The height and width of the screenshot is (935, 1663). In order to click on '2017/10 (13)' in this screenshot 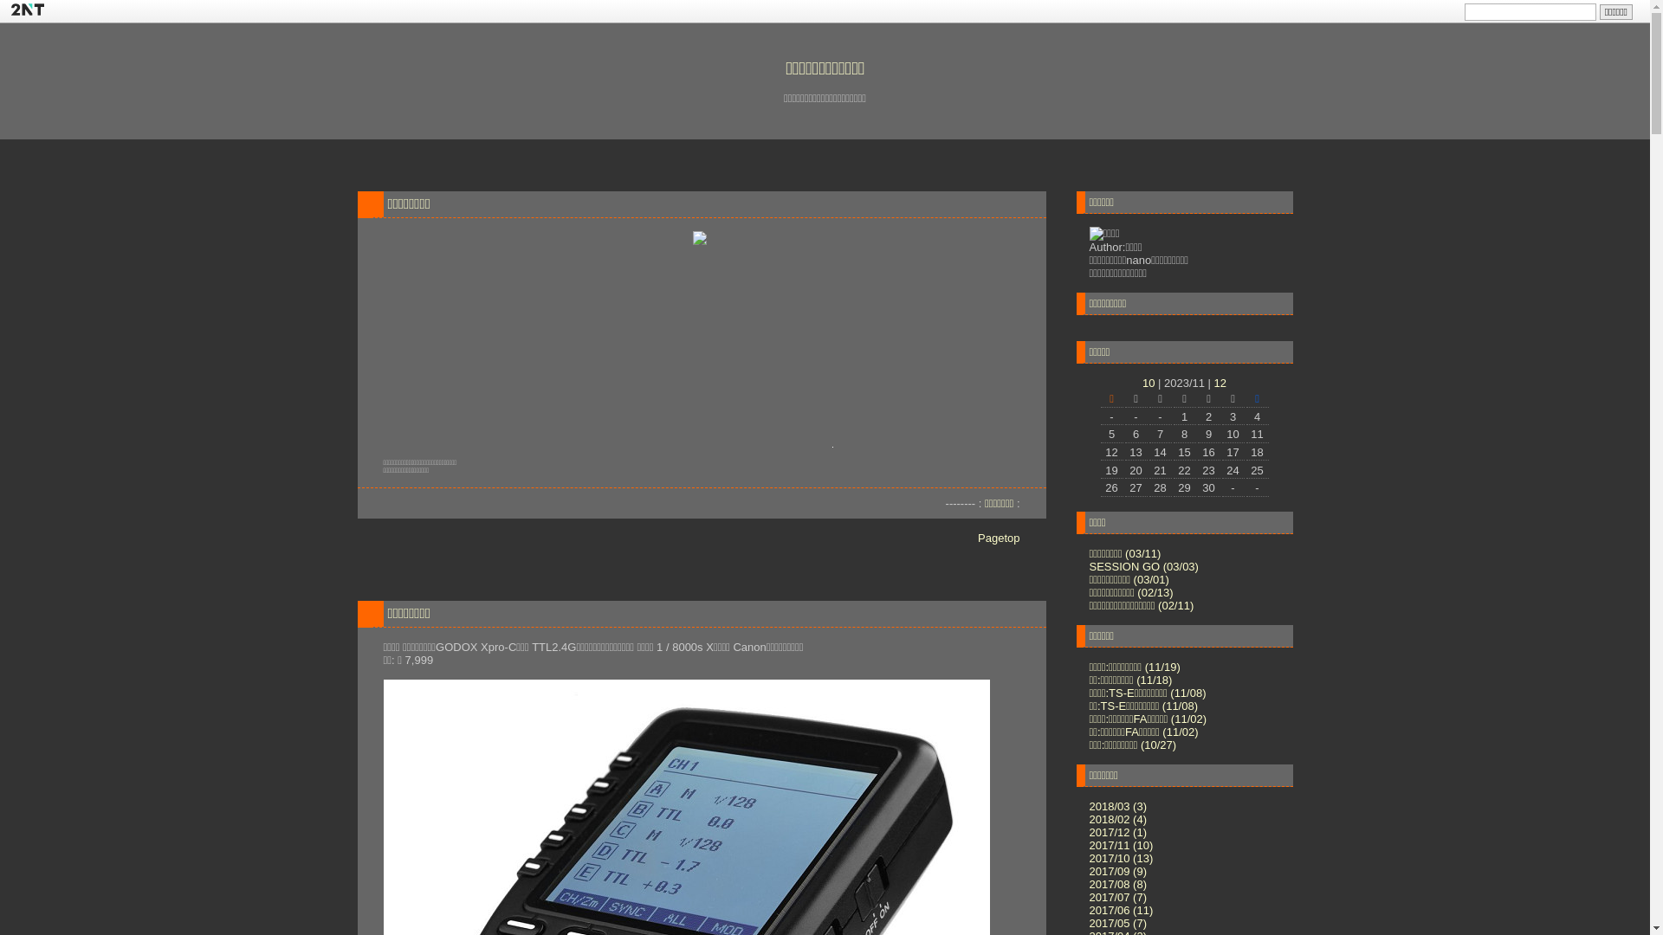, I will do `click(1122, 858)`.